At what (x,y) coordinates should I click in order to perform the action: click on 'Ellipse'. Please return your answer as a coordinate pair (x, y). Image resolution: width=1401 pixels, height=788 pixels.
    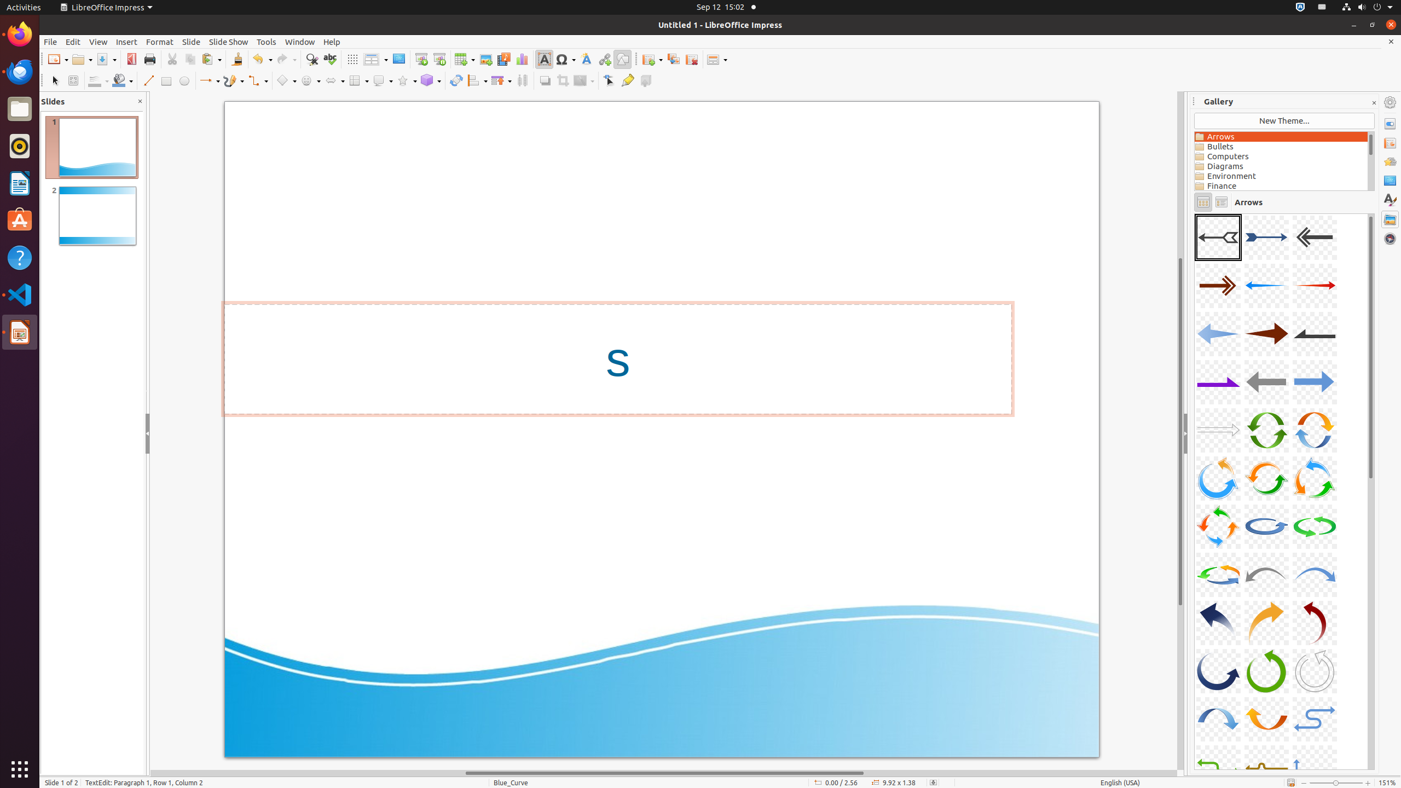
    Looking at the image, I should click on (183, 80).